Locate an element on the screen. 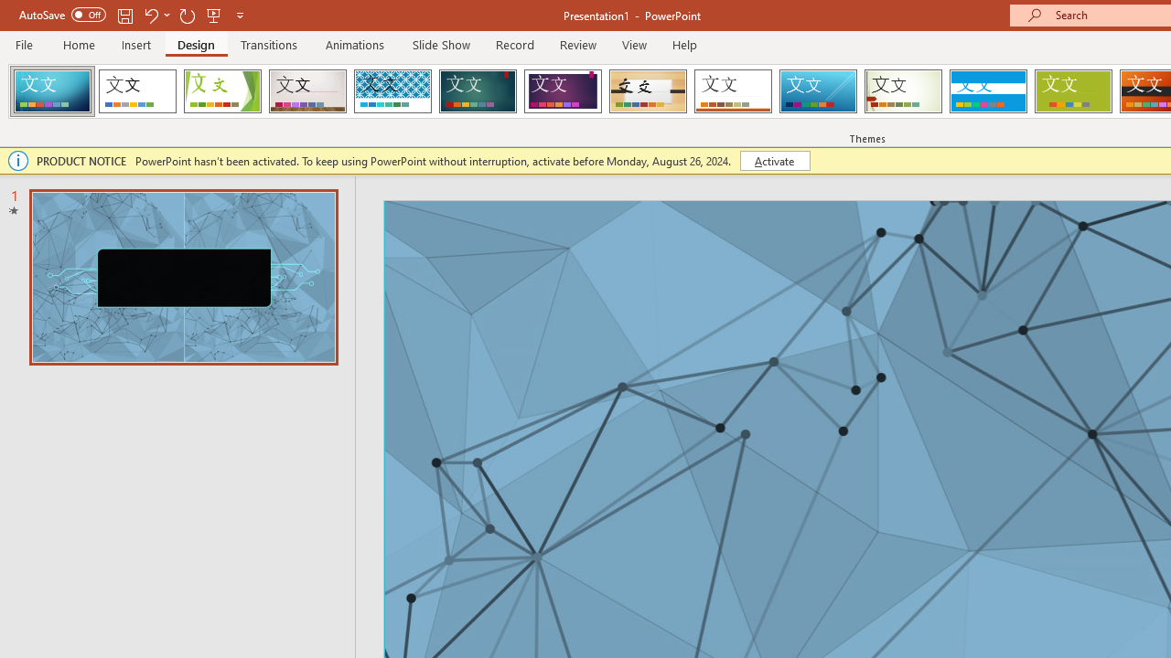 Image resolution: width=1171 pixels, height=658 pixels. 'Retrospect' is located at coordinates (733, 91).